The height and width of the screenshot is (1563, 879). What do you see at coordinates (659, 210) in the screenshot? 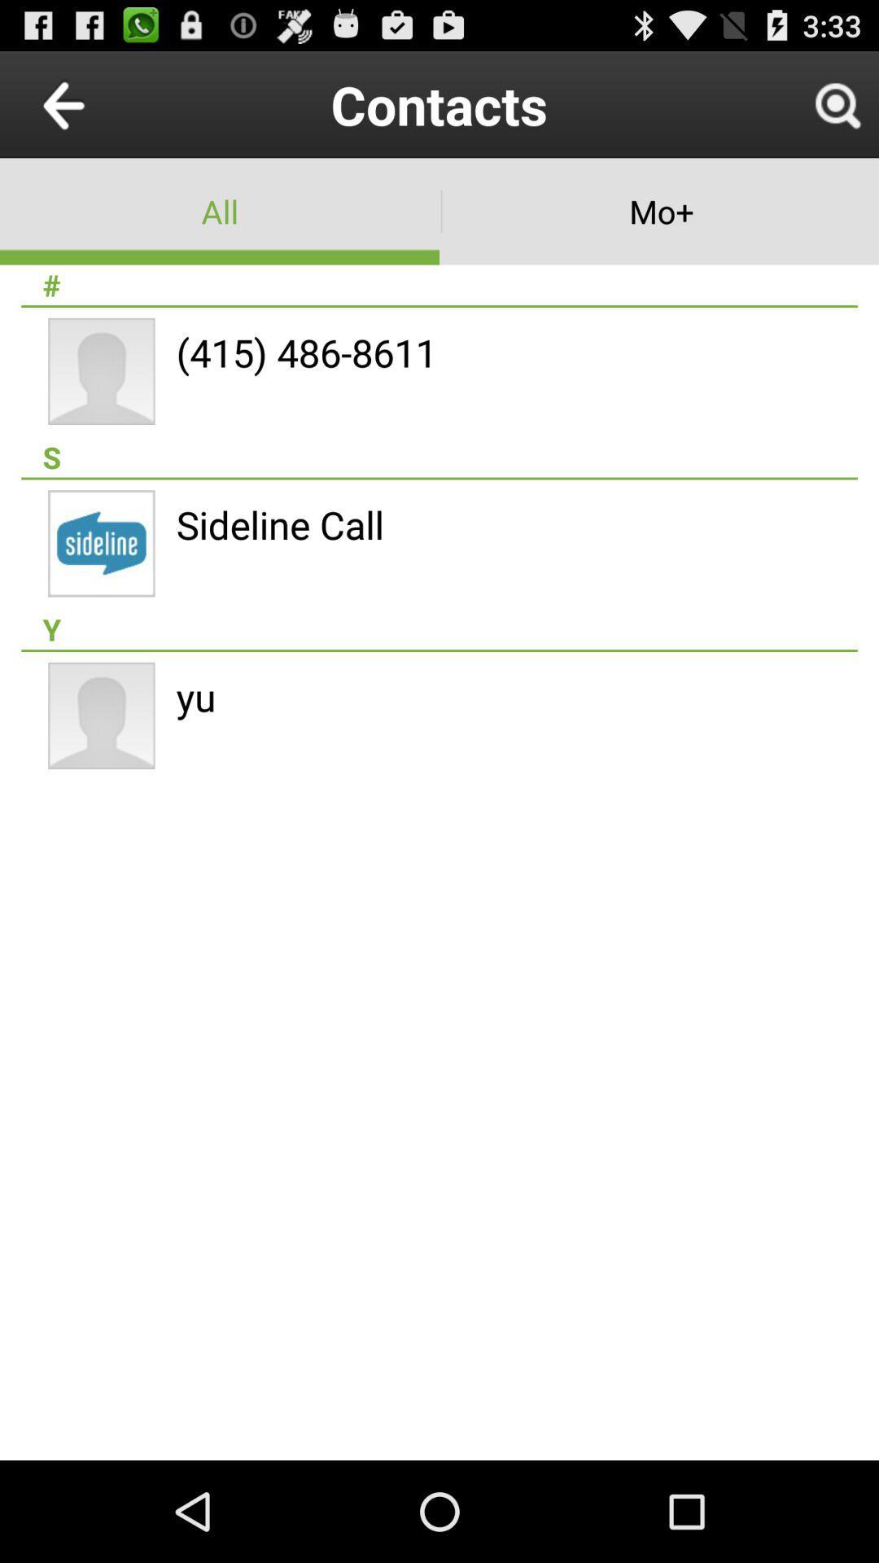
I see `the item above the #` at bounding box center [659, 210].